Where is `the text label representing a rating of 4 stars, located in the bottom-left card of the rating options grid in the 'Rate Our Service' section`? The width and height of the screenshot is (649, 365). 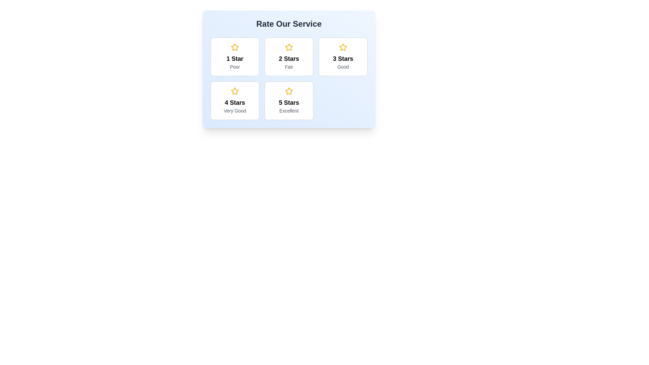 the text label representing a rating of 4 stars, located in the bottom-left card of the rating options grid in the 'Rate Our Service' section is located at coordinates (235, 103).